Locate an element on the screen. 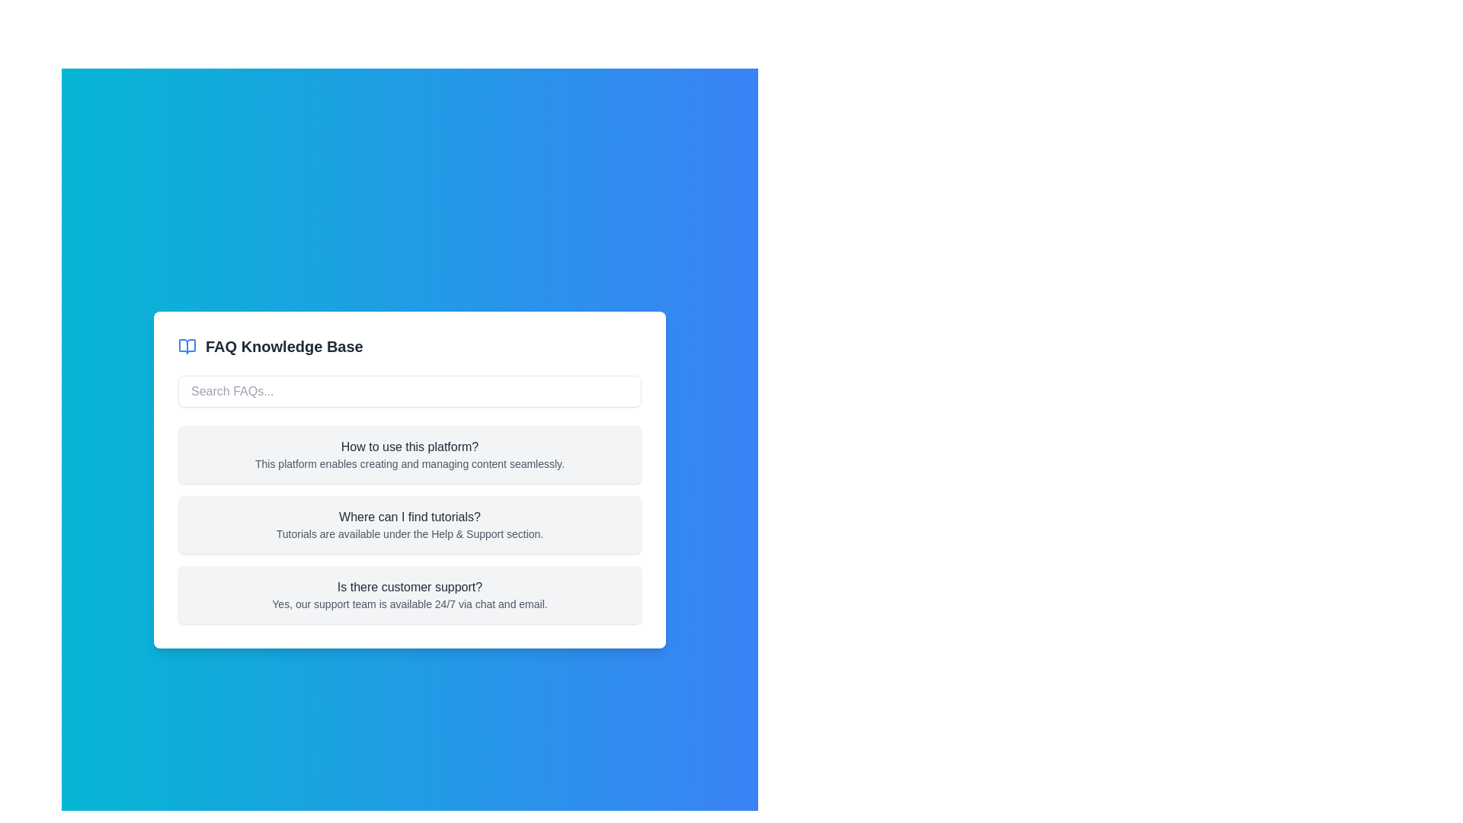 This screenshot has width=1463, height=823. the informational block titled 'Where can I find tutorials?' is located at coordinates (409, 524).